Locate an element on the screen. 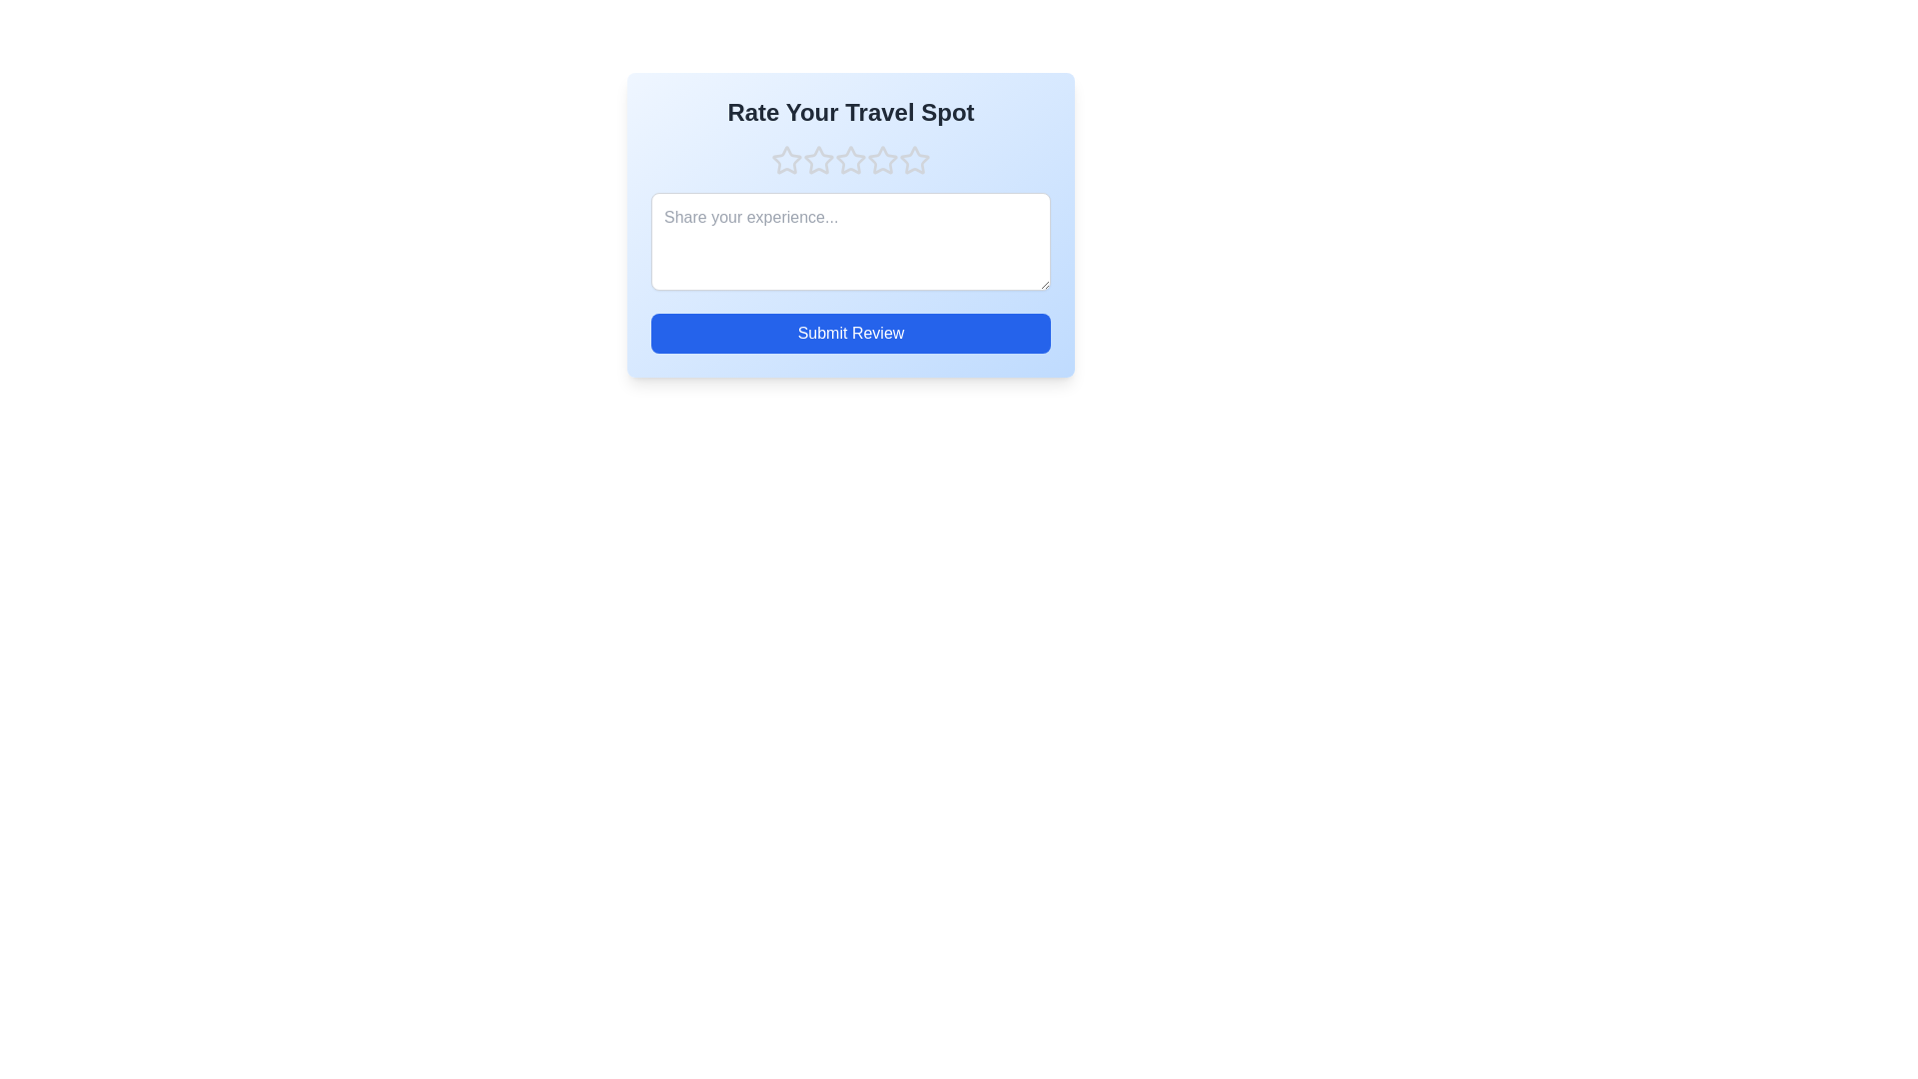  the text area to focus and enable text input is located at coordinates (850, 241).